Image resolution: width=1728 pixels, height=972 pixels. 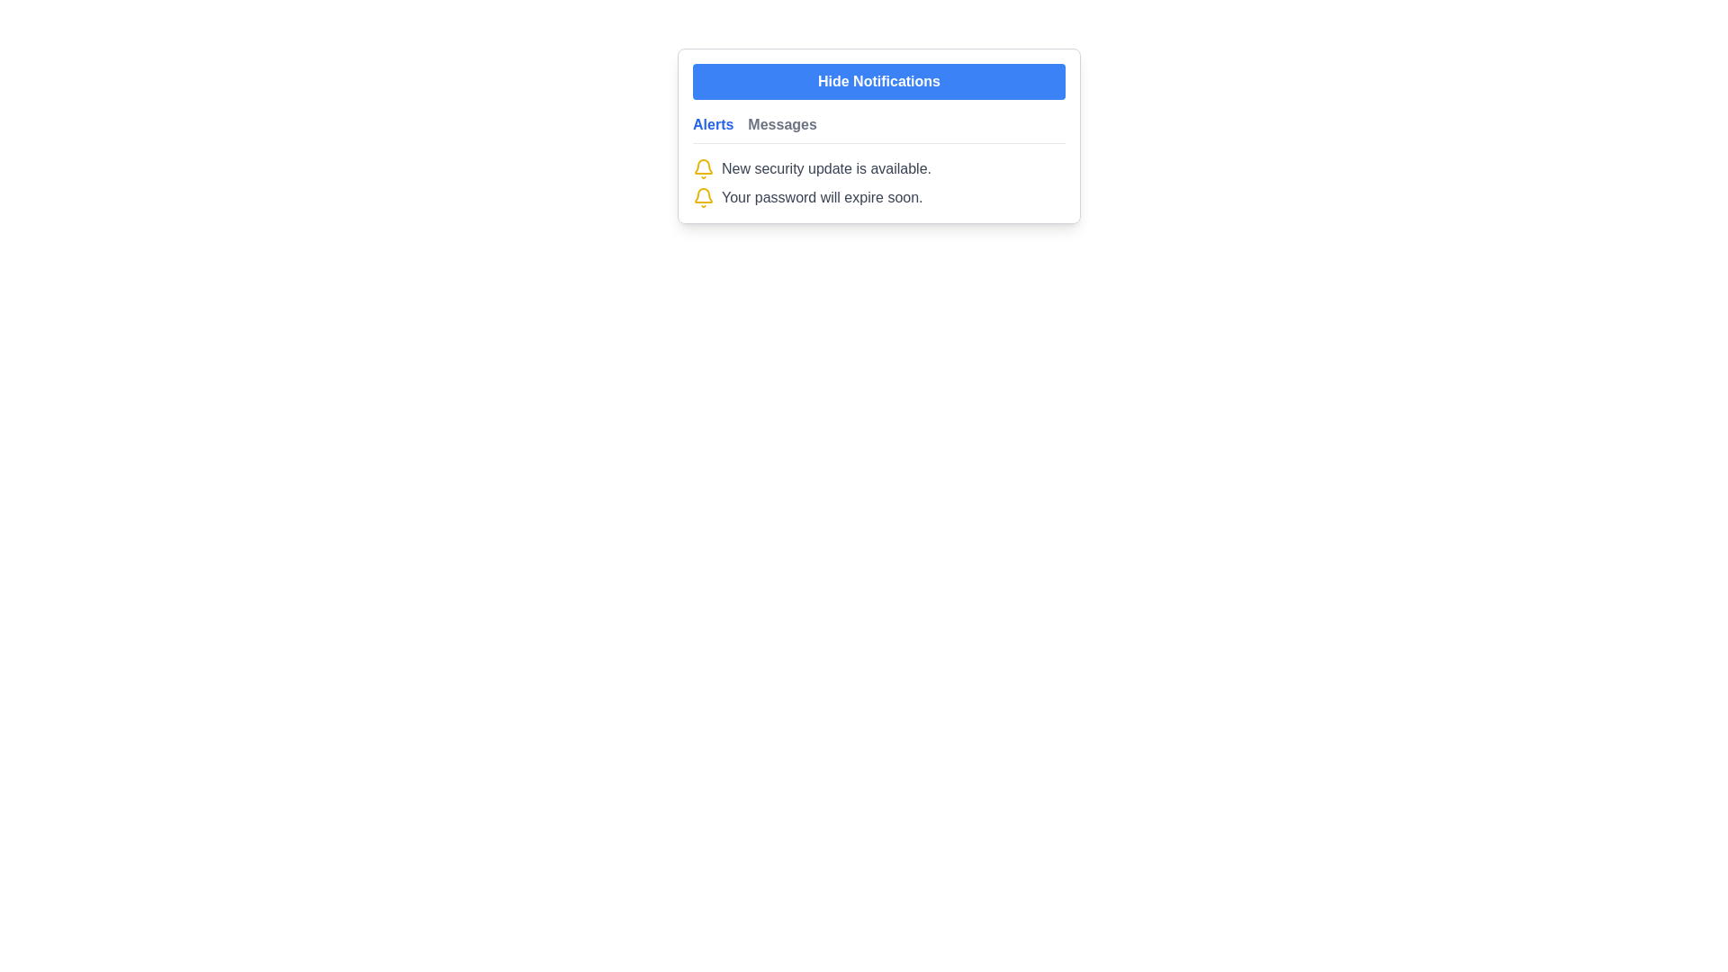 I want to click on the text label displaying 'Your password will expire soon.' that is positioned after a bell icon in the notification dropdown, so click(x=821, y=197).